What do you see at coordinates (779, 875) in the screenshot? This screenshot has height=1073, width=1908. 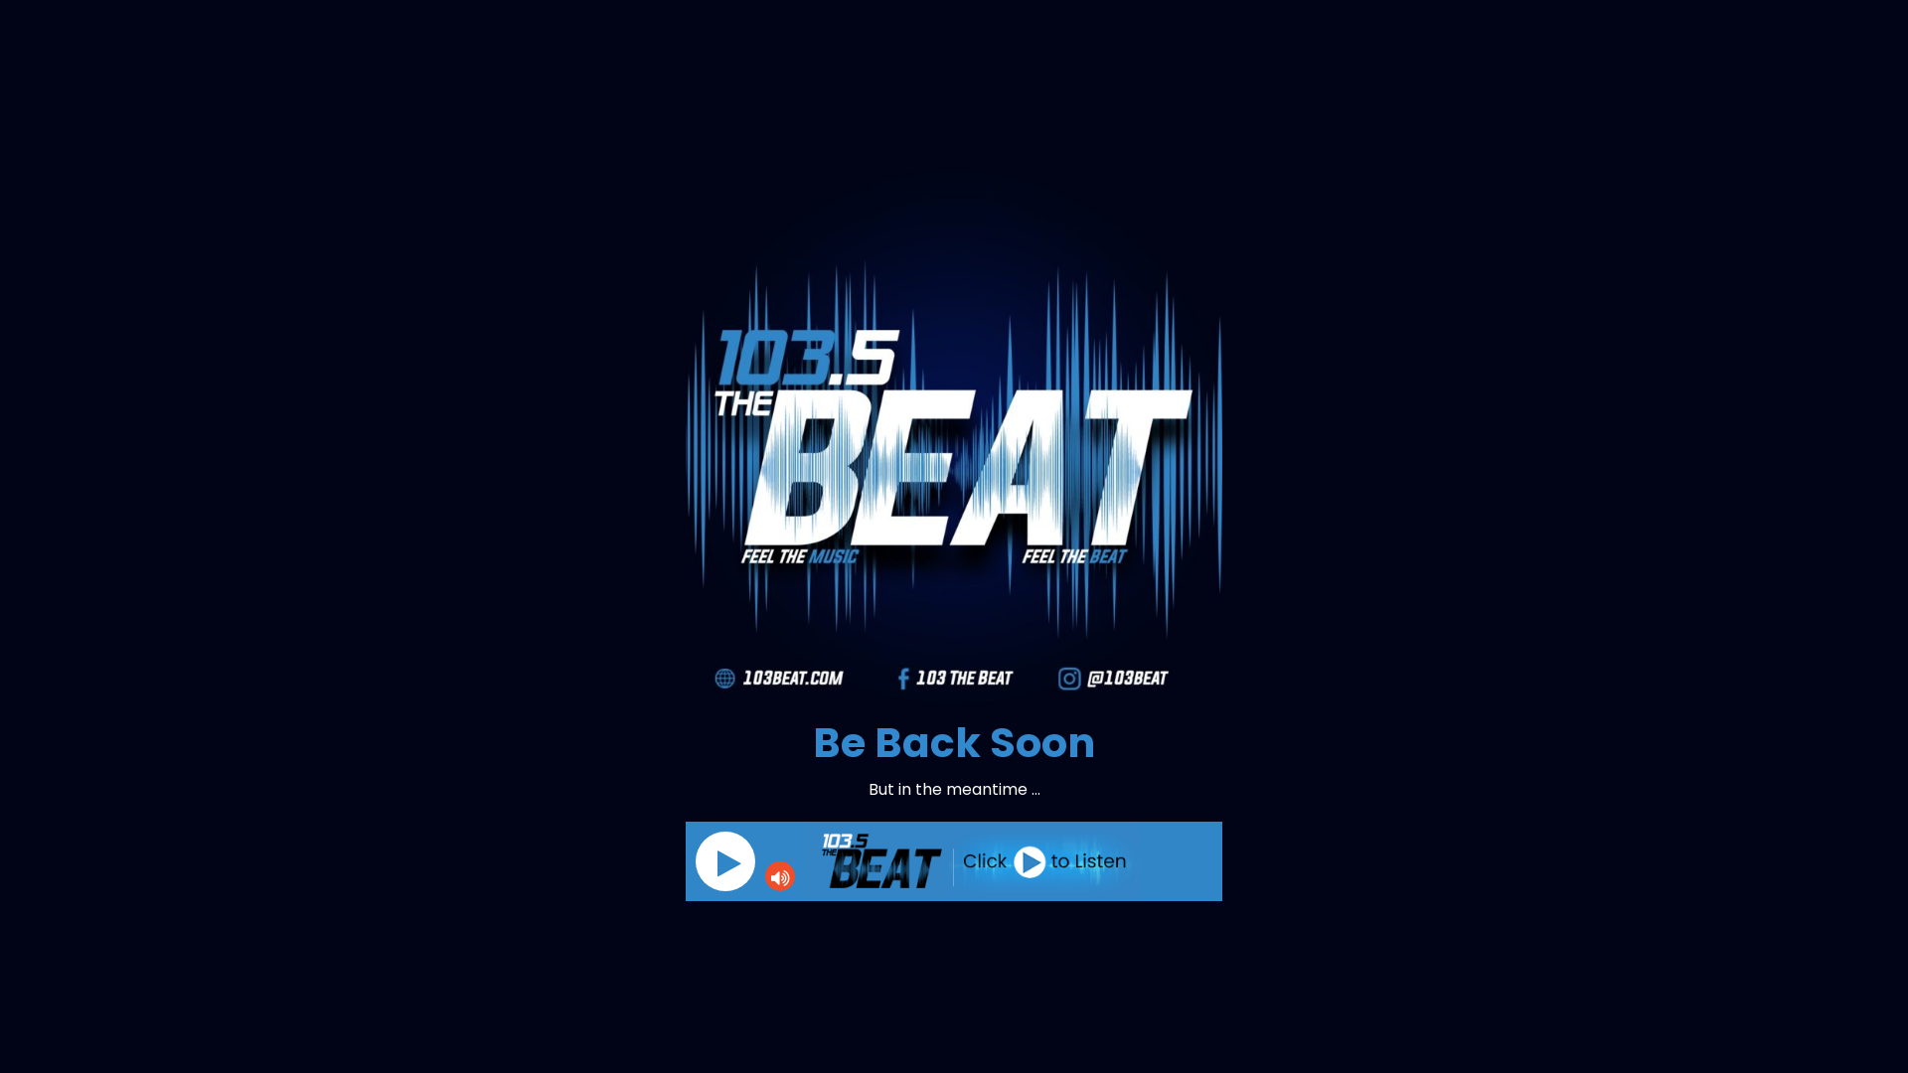 I see `'Mute'` at bounding box center [779, 875].